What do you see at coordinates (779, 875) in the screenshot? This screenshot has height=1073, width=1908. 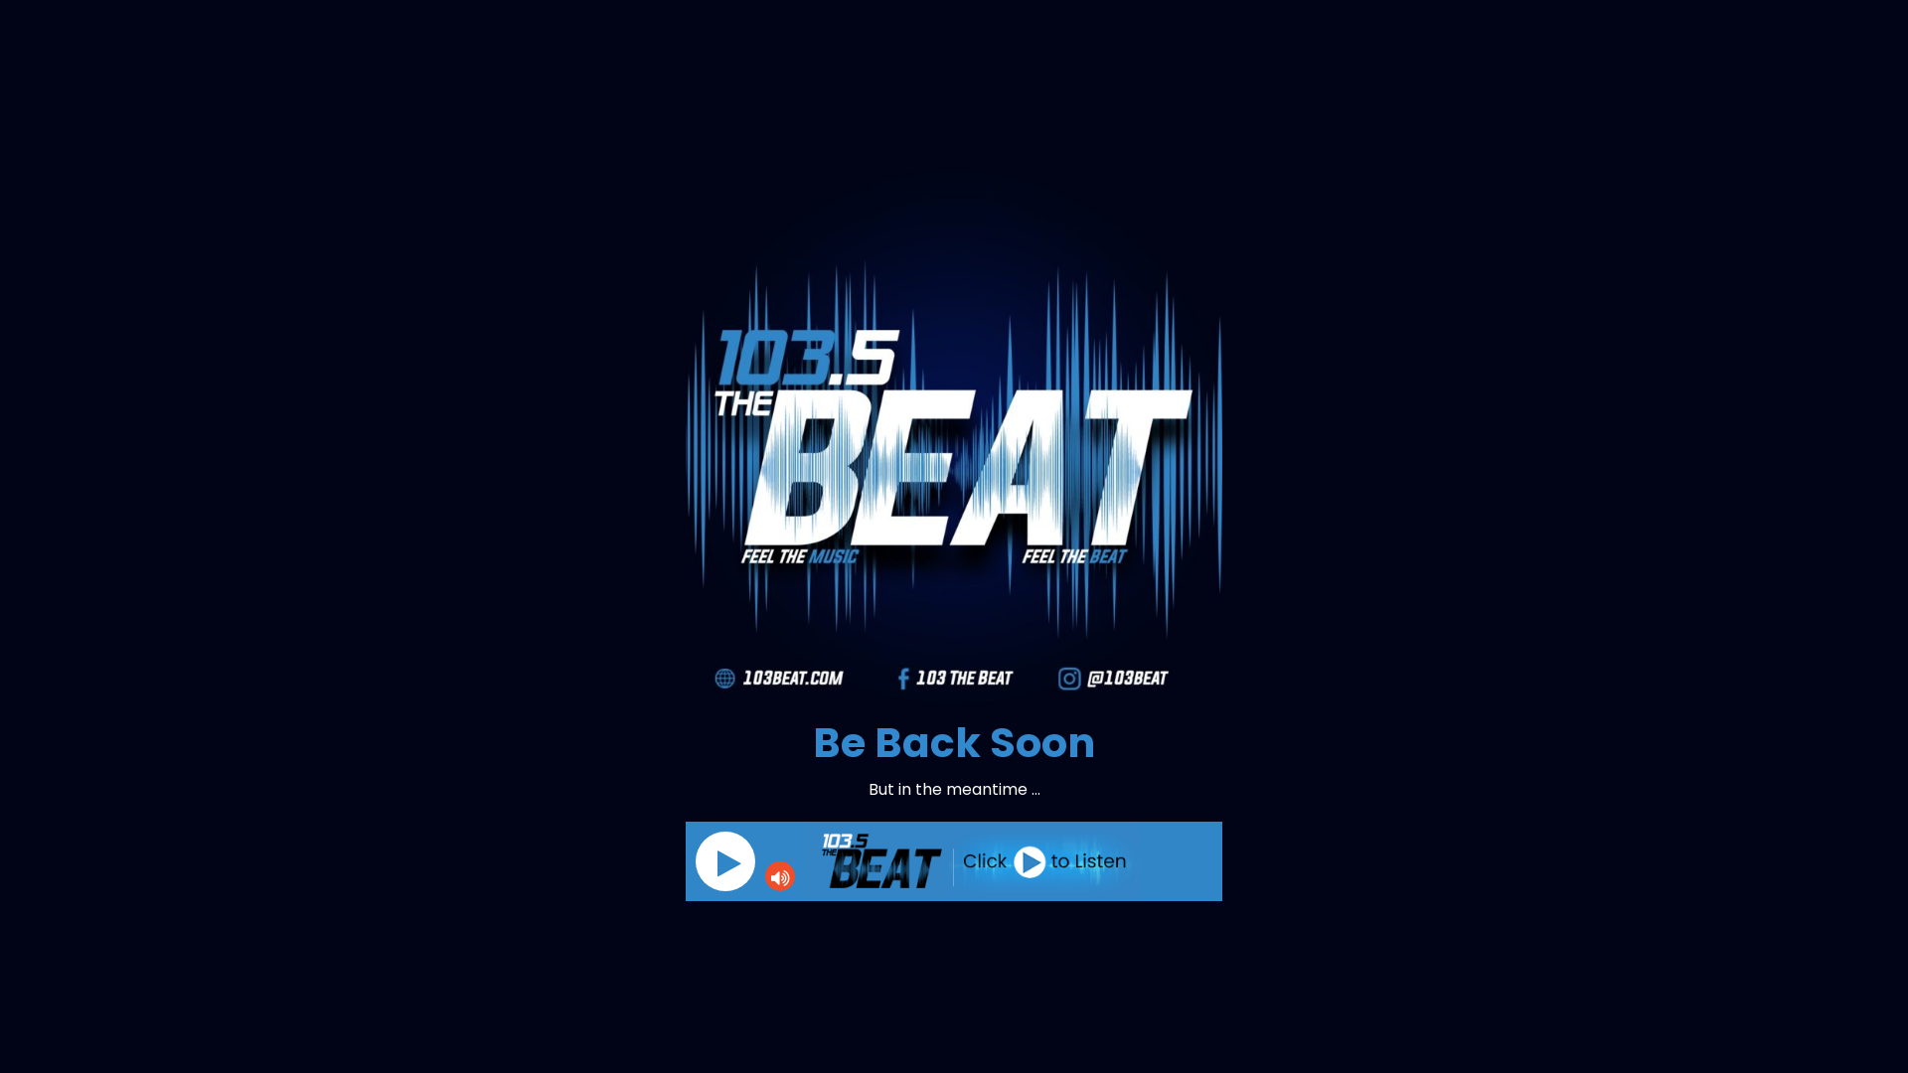 I see `'Mute'` at bounding box center [779, 875].